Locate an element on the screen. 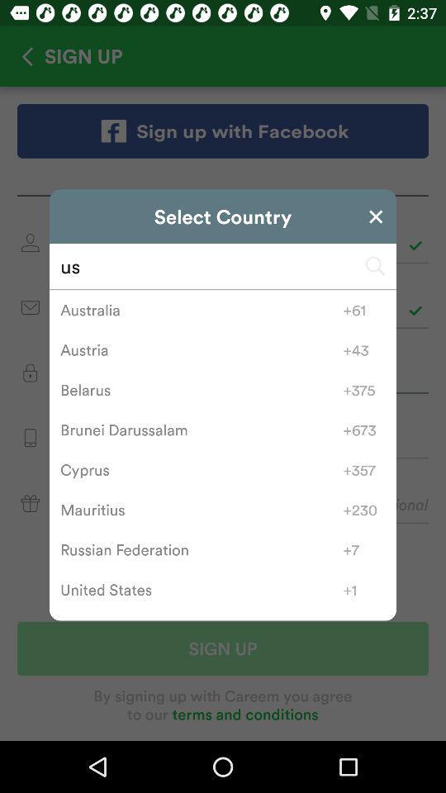  the item to the left of +673 is located at coordinates (202, 429).